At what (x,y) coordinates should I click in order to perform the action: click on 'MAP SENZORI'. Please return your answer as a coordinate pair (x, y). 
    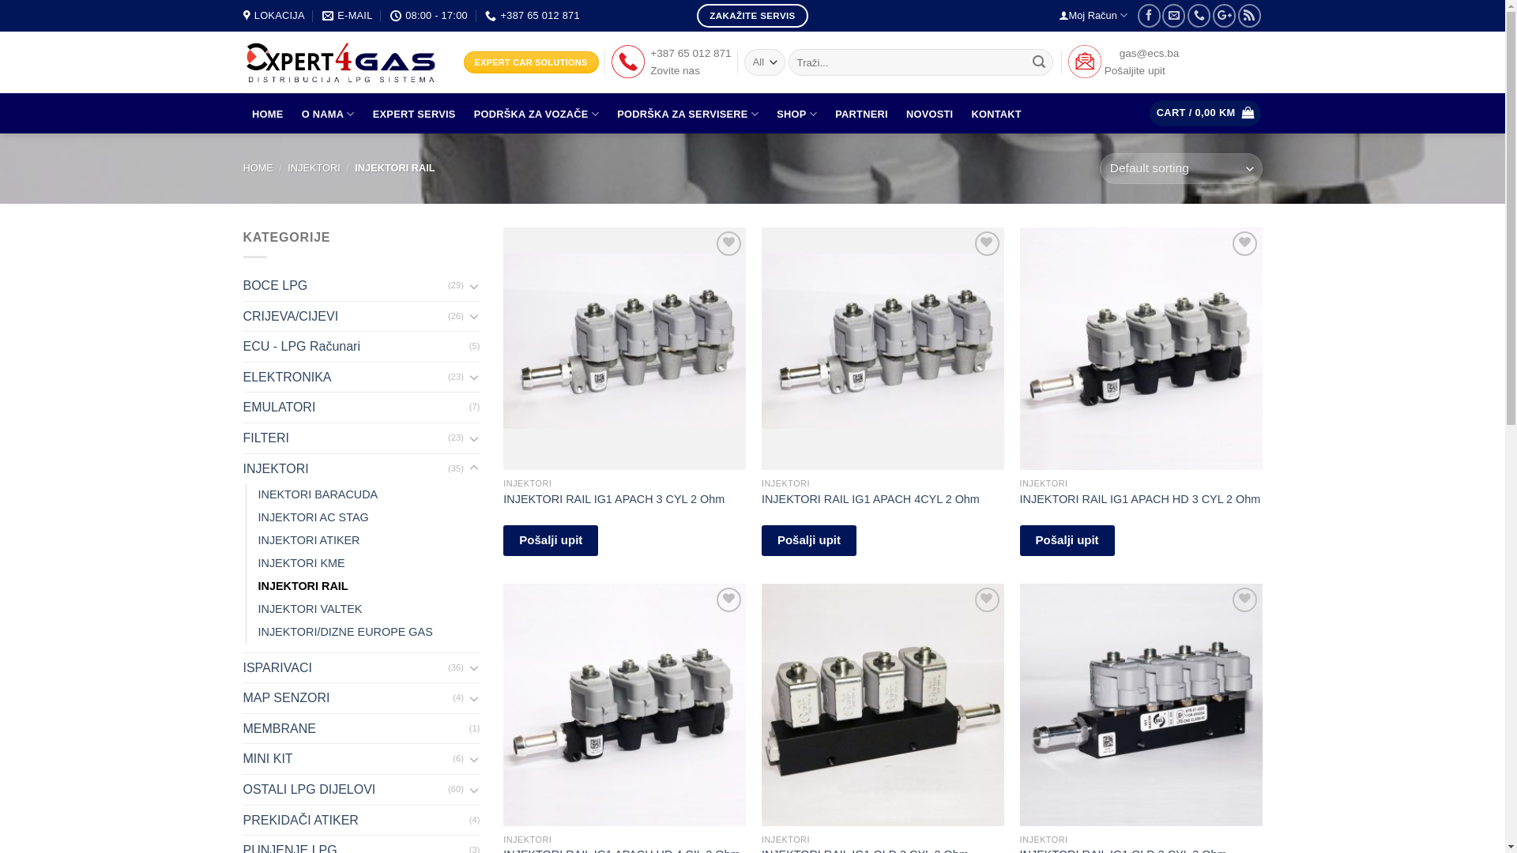
    Looking at the image, I should click on (348, 697).